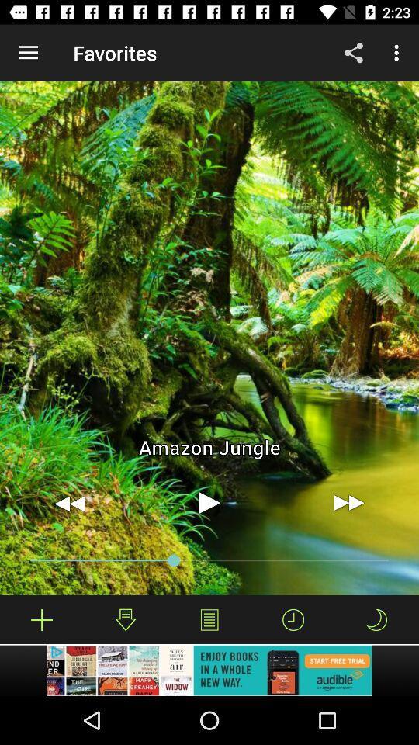  Describe the element at coordinates (42, 619) in the screenshot. I see `download music` at that location.